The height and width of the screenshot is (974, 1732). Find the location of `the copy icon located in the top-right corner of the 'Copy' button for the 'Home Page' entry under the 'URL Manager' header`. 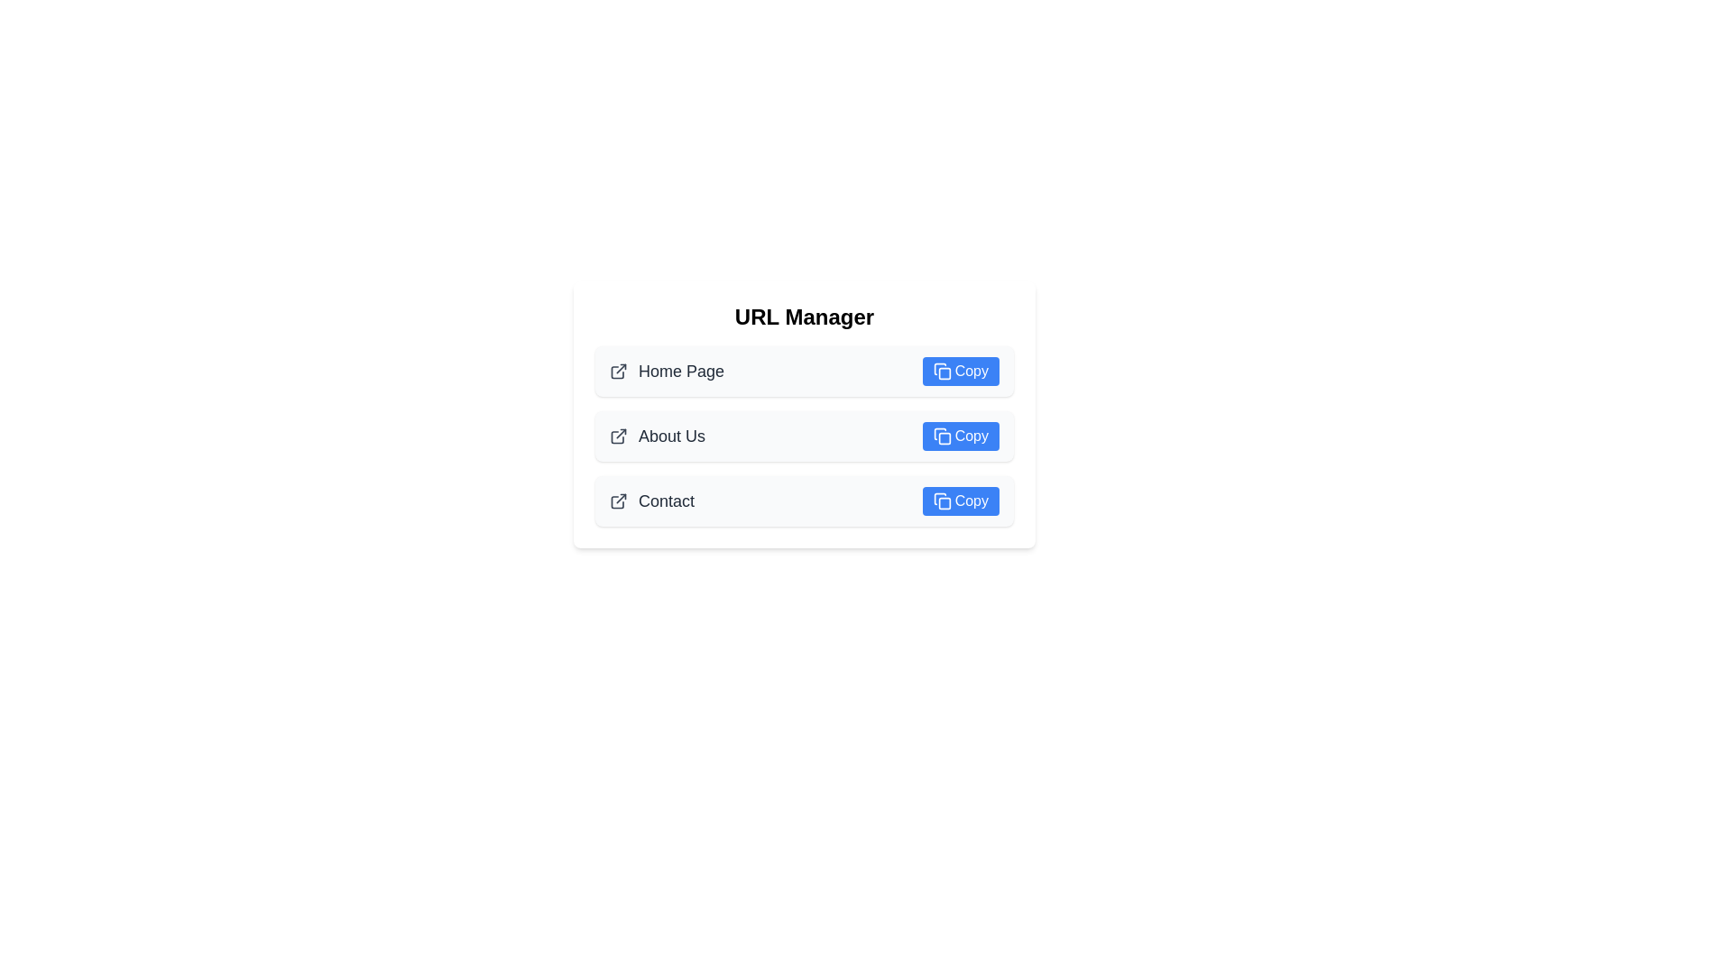

the copy icon located in the top-right corner of the 'Copy' button for the 'Home Page' entry under the 'URL Manager' header is located at coordinates (941, 371).